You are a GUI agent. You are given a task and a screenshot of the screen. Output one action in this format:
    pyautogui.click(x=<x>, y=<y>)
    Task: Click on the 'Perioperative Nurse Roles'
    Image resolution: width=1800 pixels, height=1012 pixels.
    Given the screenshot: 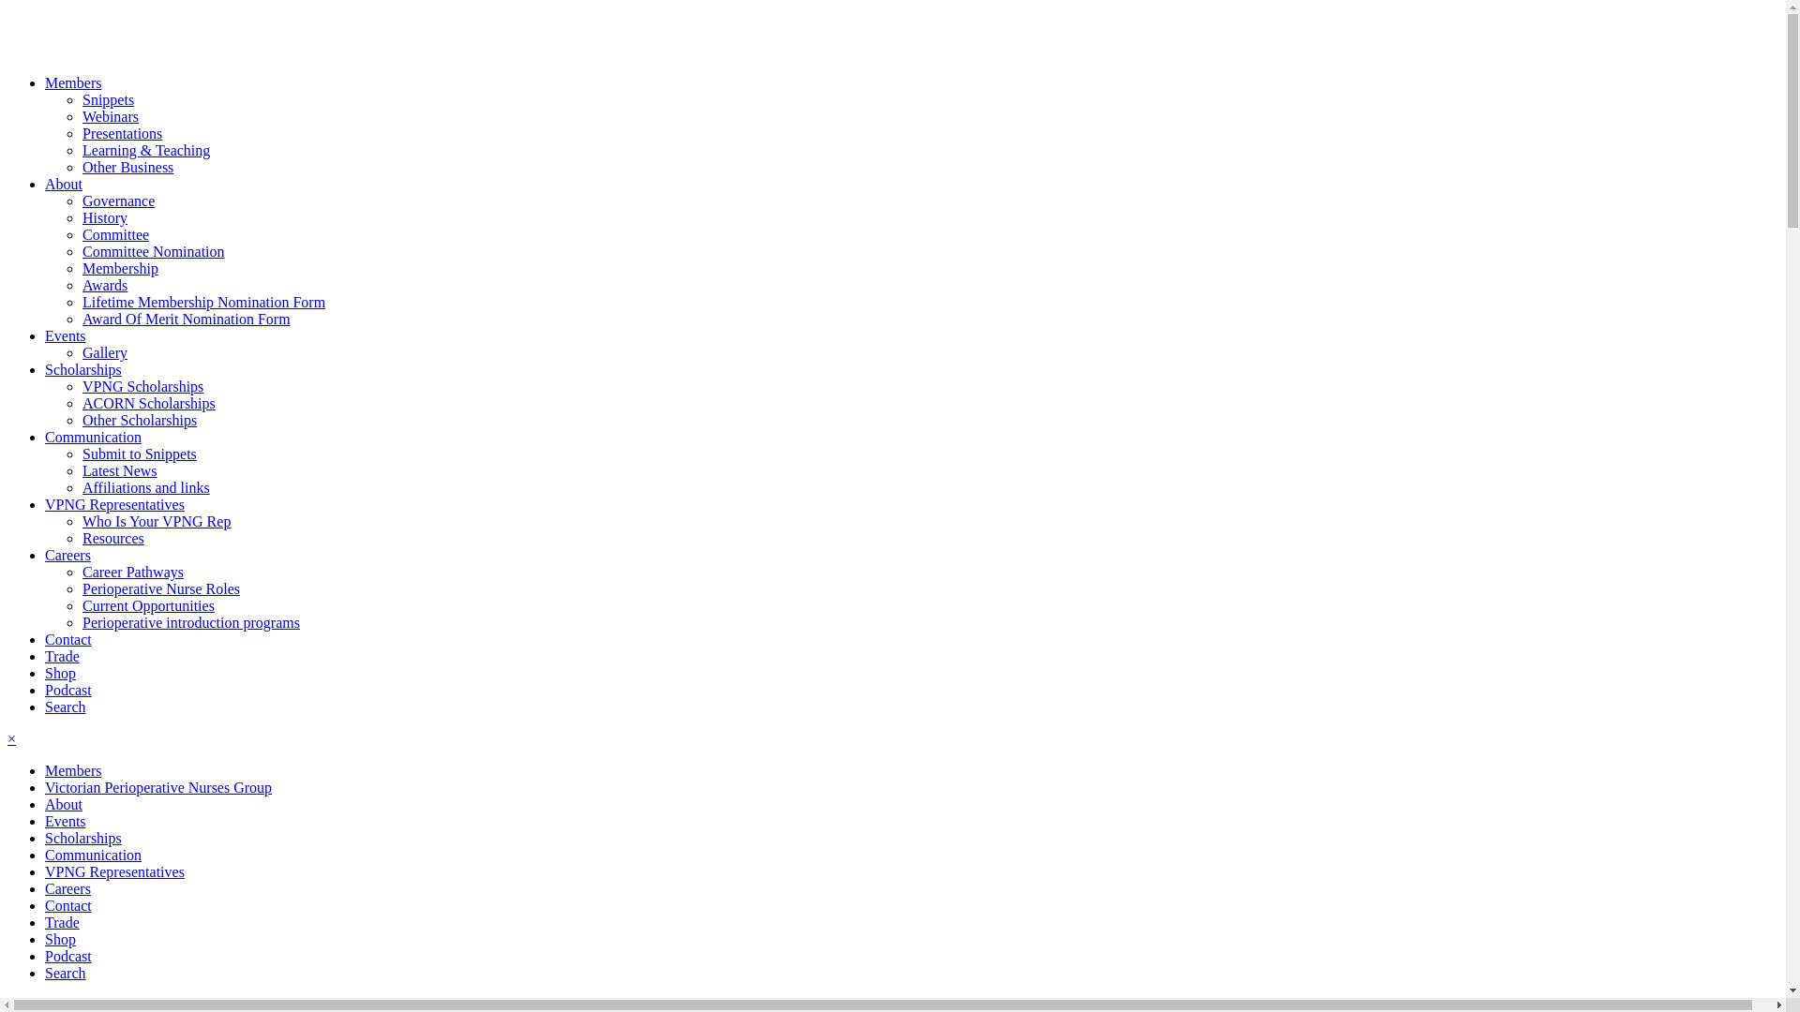 What is the action you would take?
    pyautogui.click(x=81, y=588)
    